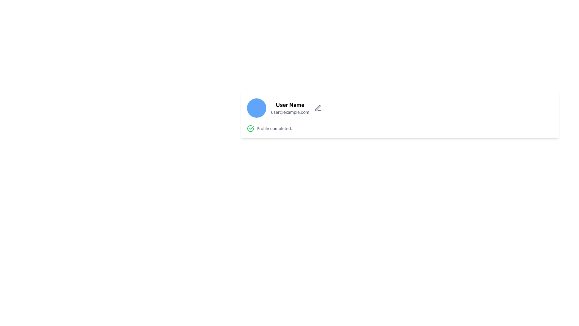 The image size is (579, 326). What do you see at coordinates (290, 104) in the screenshot?
I see `the 'User Name' label that displays the user's name, located at the upper-left section of the profile card, above 'user@example.com', and aligned centrally with the avatar image` at bounding box center [290, 104].